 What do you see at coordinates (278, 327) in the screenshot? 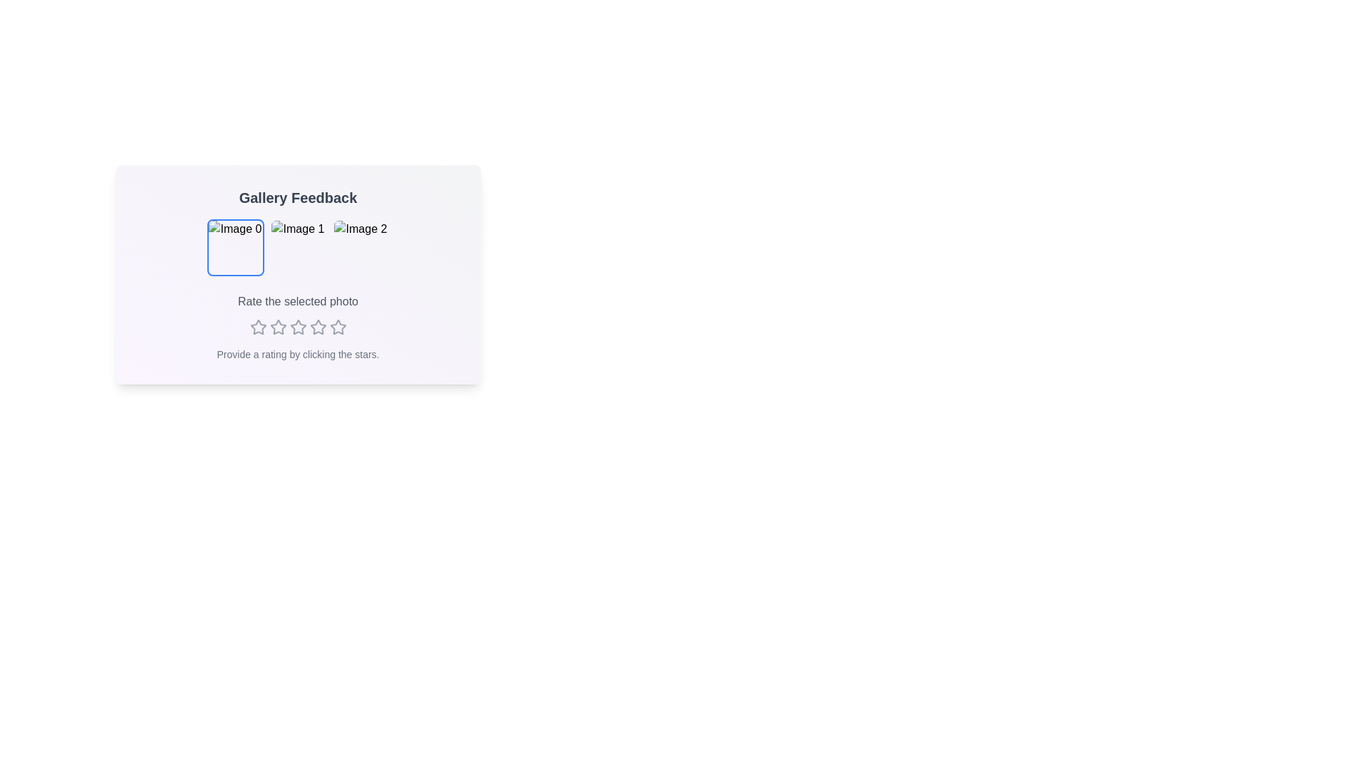
I see `the second star icon in the five-star rating system` at bounding box center [278, 327].